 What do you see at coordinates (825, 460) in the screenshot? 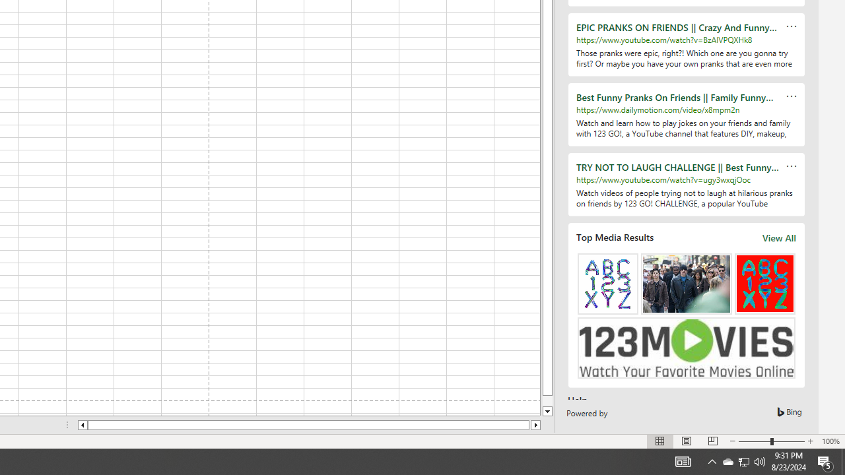
I see `'Action Center, 5 new notifications'` at bounding box center [825, 460].